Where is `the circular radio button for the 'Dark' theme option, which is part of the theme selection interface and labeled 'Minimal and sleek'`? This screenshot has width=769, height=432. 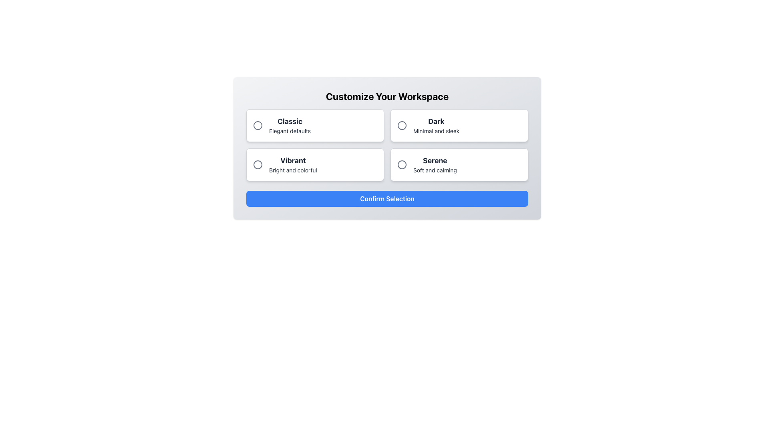 the circular radio button for the 'Dark' theme option, which is part of the theme selection interface and labeled 'Minimal and sleek' is located at coordinates (402, 125).